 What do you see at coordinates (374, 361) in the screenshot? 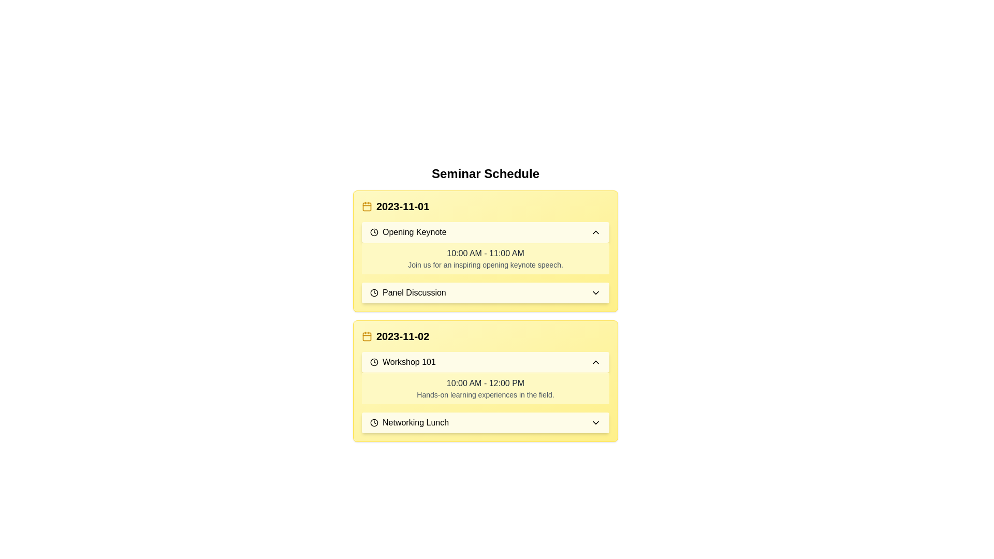
I see `the clock icon located near the 'Workshop 101' text, which is a minimalist outlined circle with a clock hand inside` at bounding box center [374, 361].